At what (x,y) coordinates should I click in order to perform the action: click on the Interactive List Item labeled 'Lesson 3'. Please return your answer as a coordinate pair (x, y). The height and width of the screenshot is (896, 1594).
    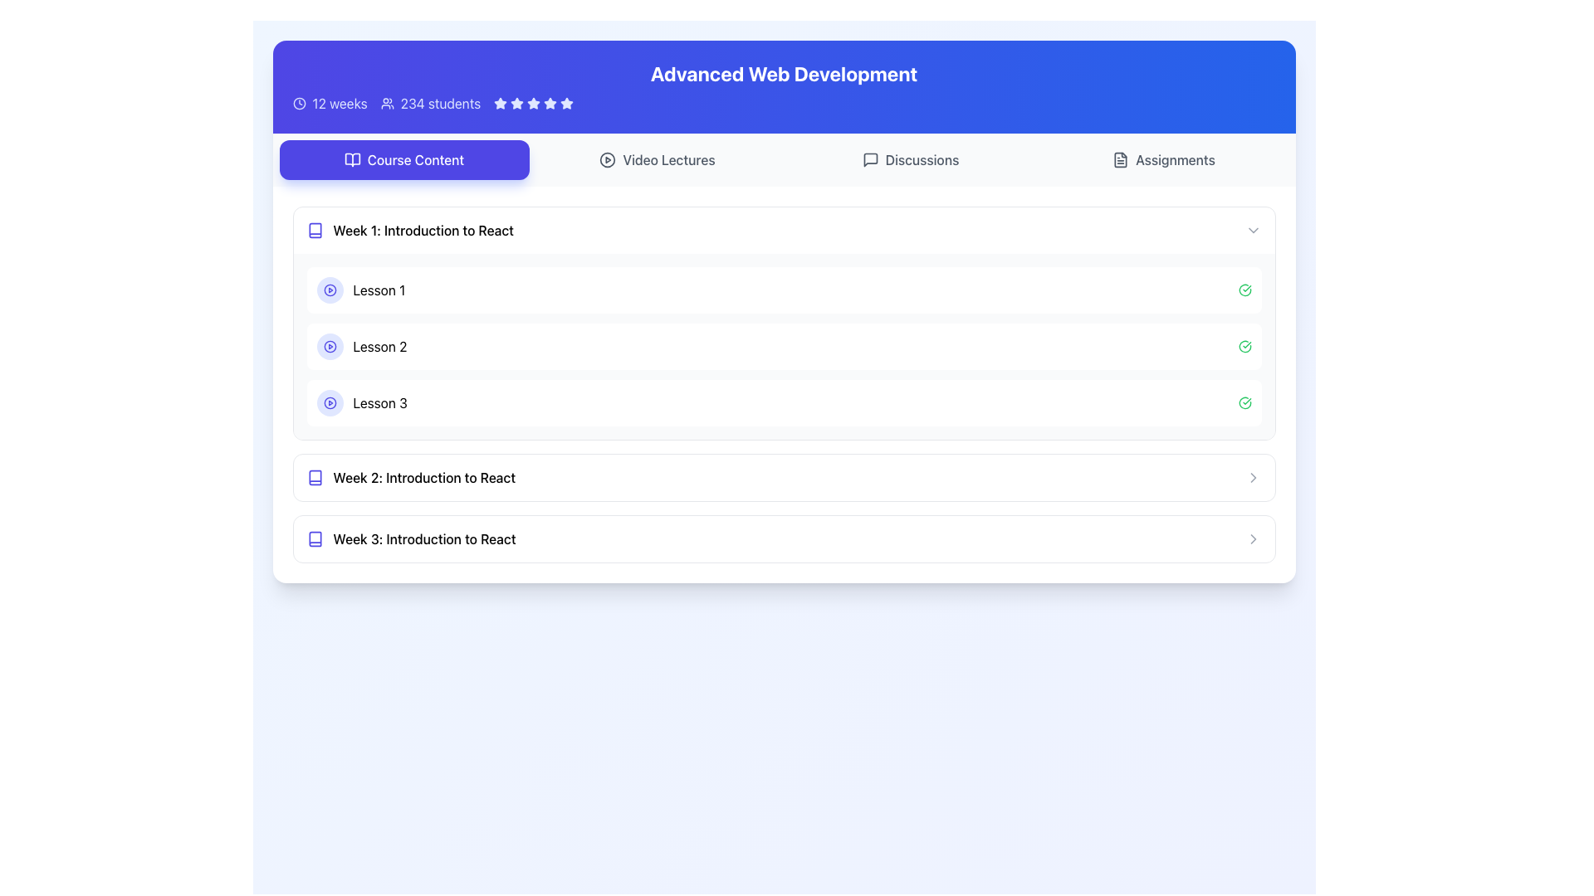
    Looking at the image, I should click on (783, 403).